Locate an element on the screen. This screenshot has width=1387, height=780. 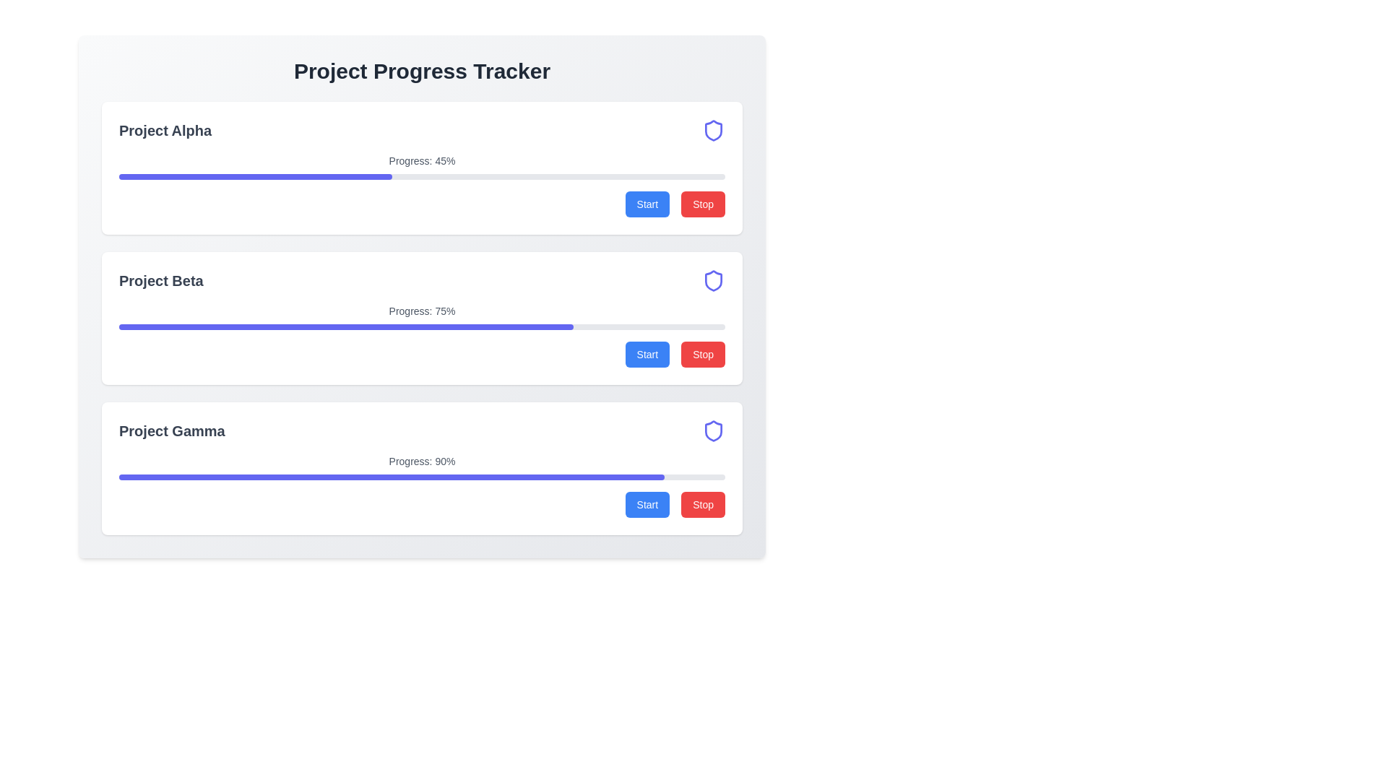
the Progress indicator bar for 'Project Gamma', which visually represents 90% completion and is located at the bottom of the project sections is located at coordinates (392, 477).